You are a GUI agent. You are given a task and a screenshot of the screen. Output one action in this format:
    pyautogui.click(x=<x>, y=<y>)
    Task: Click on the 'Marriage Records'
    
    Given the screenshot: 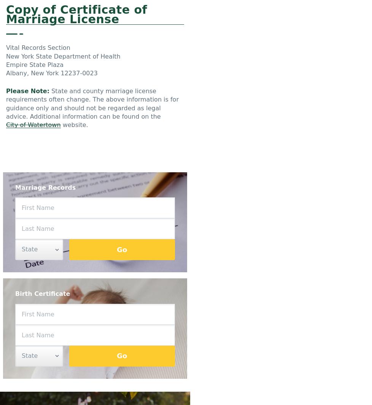 What is the action you would take?
    pyautogui.click(x=15, y=187)
    